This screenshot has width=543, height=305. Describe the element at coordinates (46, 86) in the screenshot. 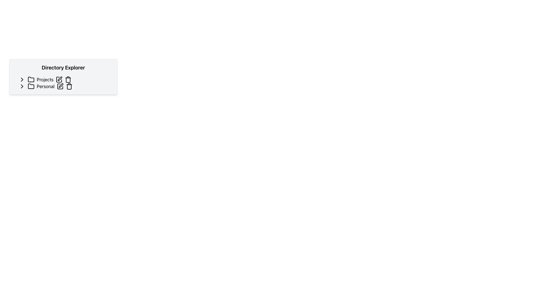

I see `the text label displaying 'Personal'` at that location.